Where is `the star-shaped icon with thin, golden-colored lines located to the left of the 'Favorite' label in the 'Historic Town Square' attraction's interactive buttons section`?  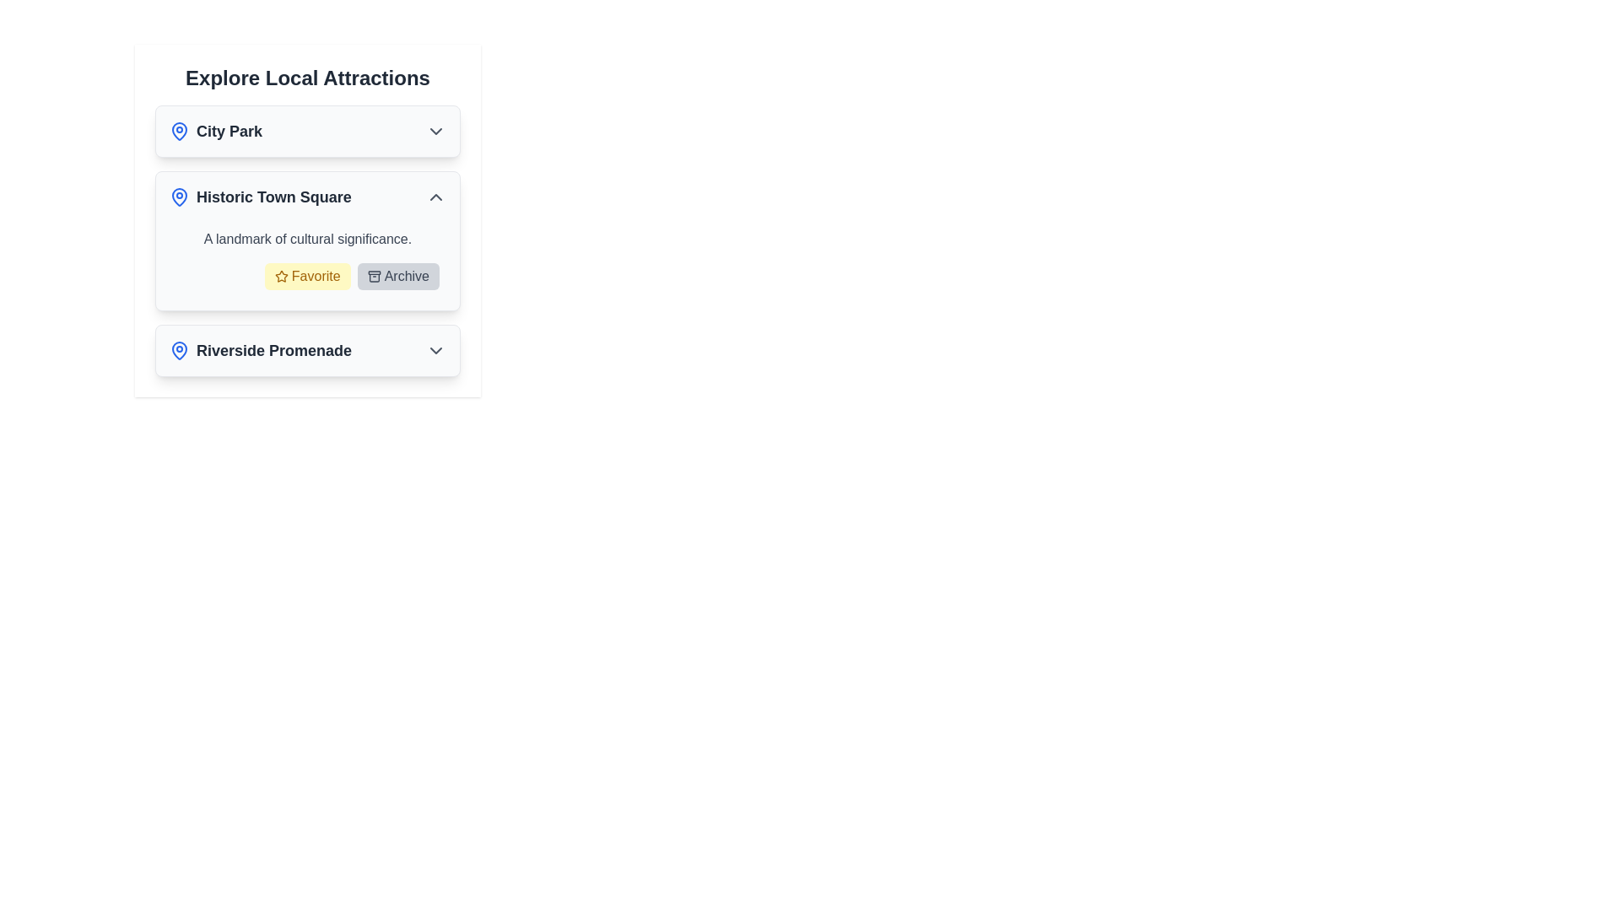 the star-shaped icon with thin, golden-colored lines located to the left of the 'Favorite' label in the 'Historic Town Square' attraction's interactive buttons section is located at coordinates (281, 275).